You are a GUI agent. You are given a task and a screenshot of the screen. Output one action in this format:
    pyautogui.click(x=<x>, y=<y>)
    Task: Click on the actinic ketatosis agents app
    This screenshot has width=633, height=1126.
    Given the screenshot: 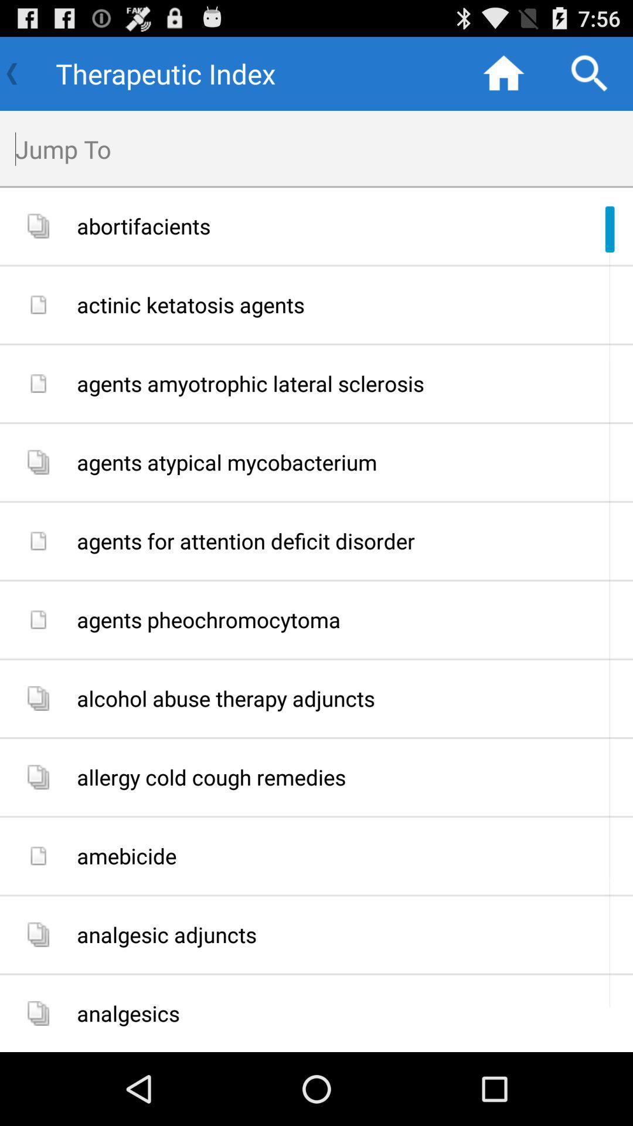 What is the action you would take?
    pyautogui.click(x=350, y=305)
    